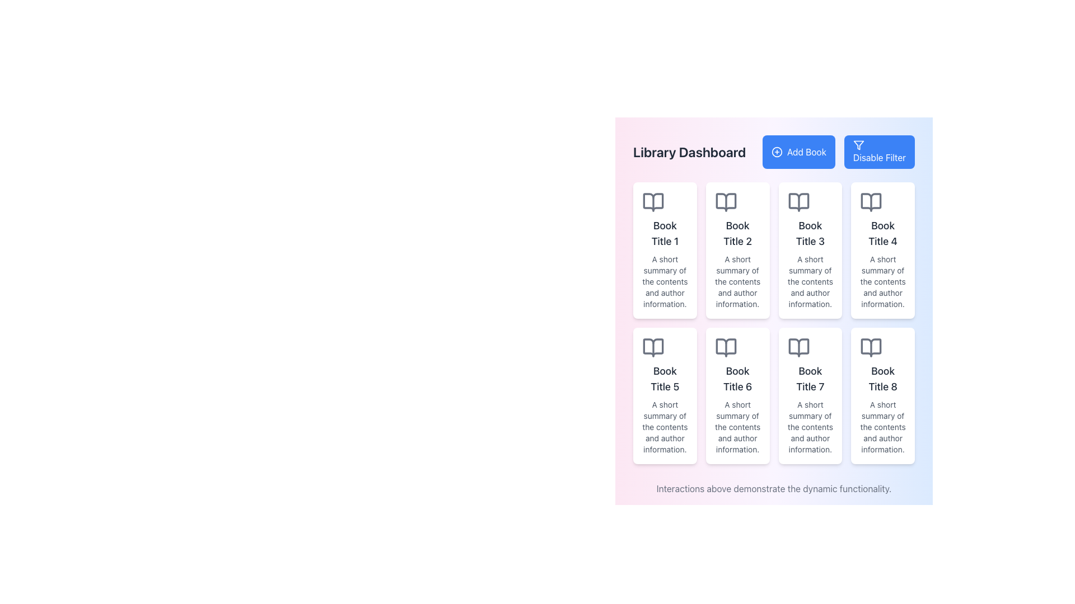  Describe the element at coordinates (737, 427) in the screenshot. I see `the descriptive Text label located under 'Book Title 6' in the sixth card of the 4x2 grid layout` at that location.